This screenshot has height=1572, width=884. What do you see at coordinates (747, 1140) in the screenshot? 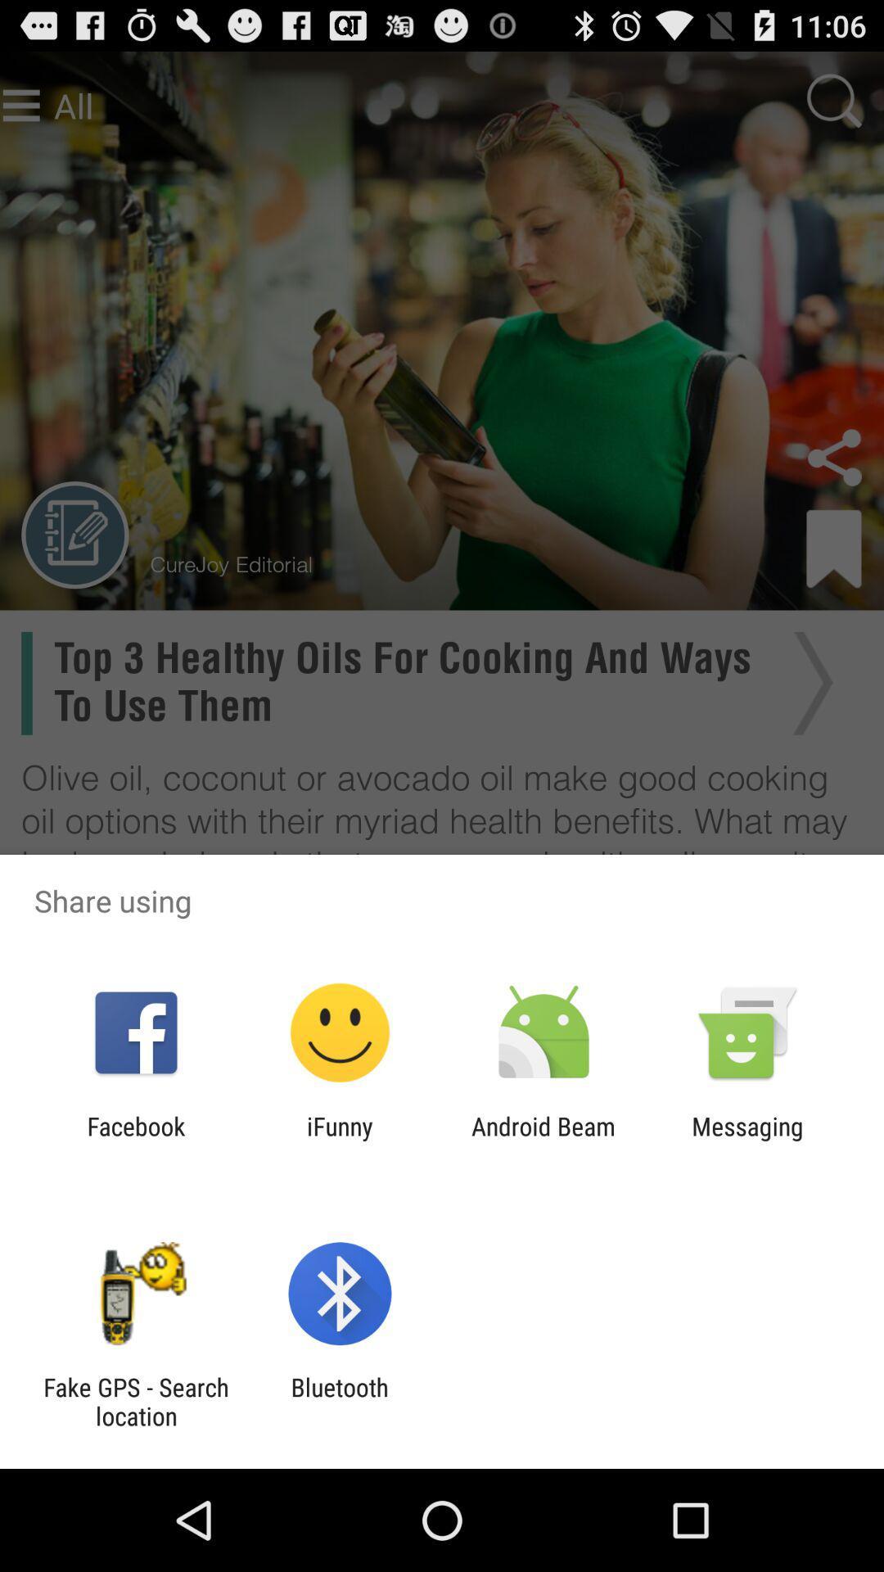
I see `the icon next to android beam app` at bounding box center [747, 1140].